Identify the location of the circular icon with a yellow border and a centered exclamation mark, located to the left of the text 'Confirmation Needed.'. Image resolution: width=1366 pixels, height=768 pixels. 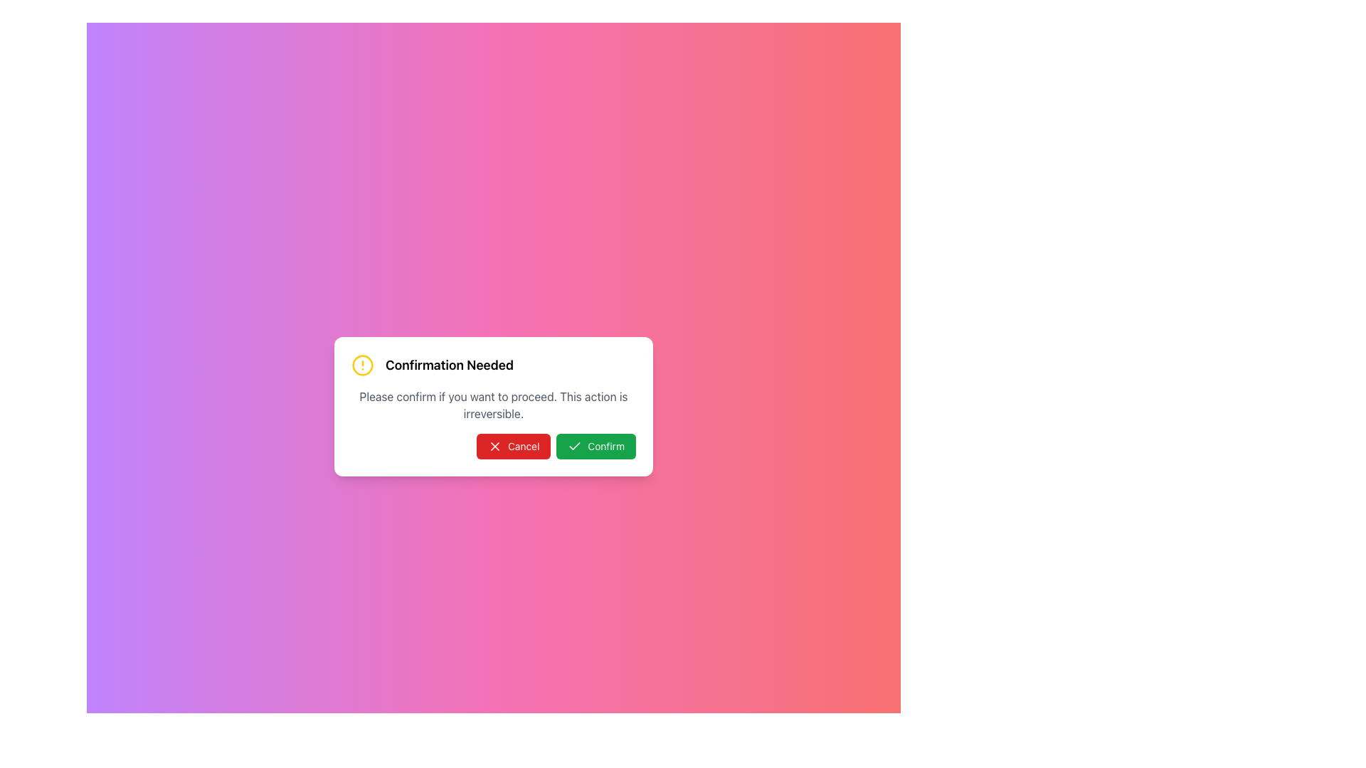
(362, 364).